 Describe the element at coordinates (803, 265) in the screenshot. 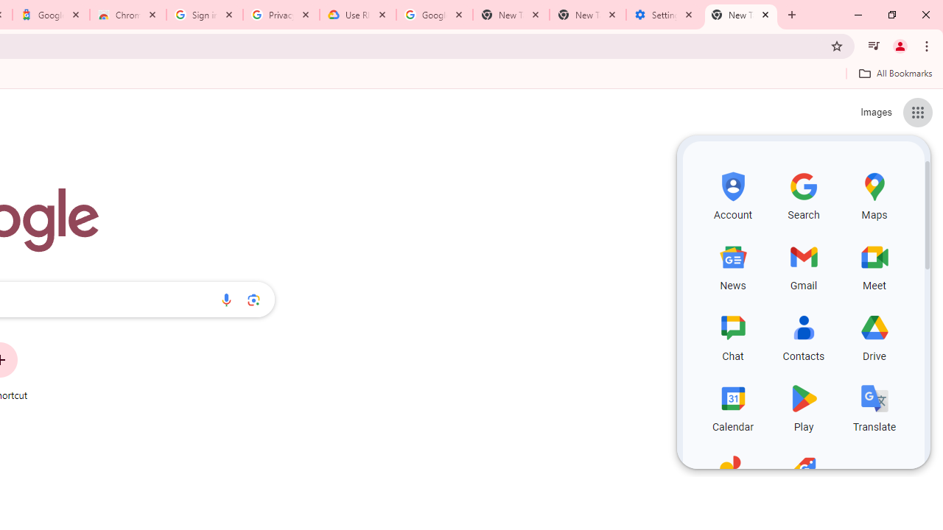

I see `'Gmail, row 2 of 5 and column 2 of 3 in the first section'` at that location.